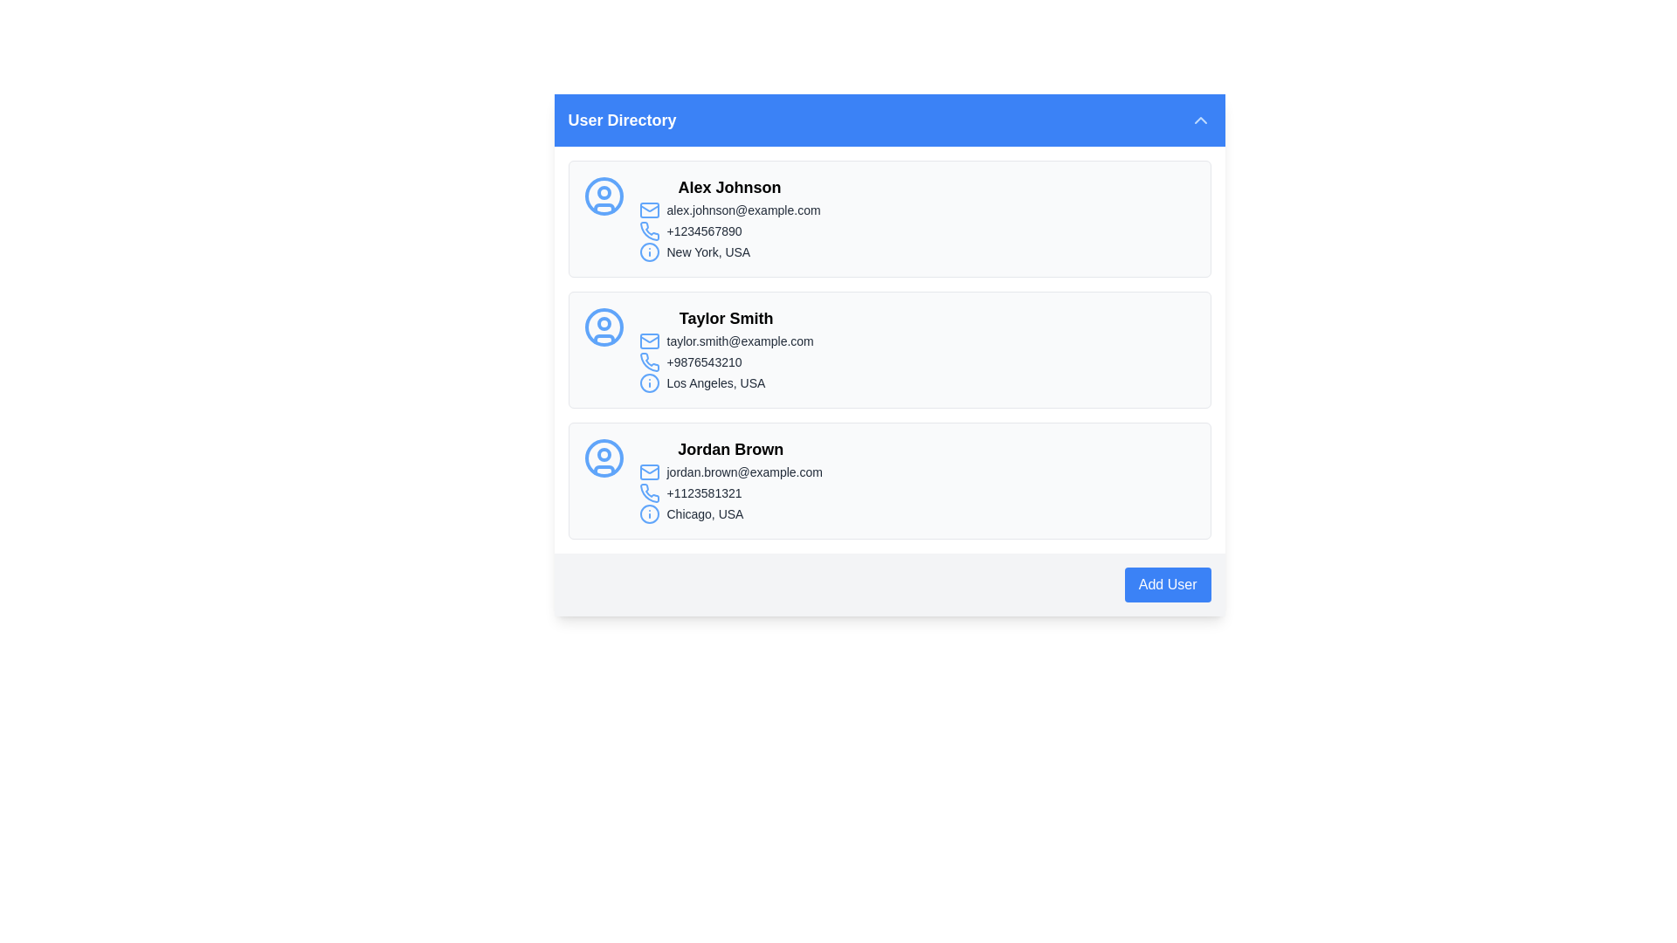  Describe the element at coordinates (622, 120) in the screenshot. I see `the Static Text Label that identifies the content of the interface as 'User Directory'` at that location.